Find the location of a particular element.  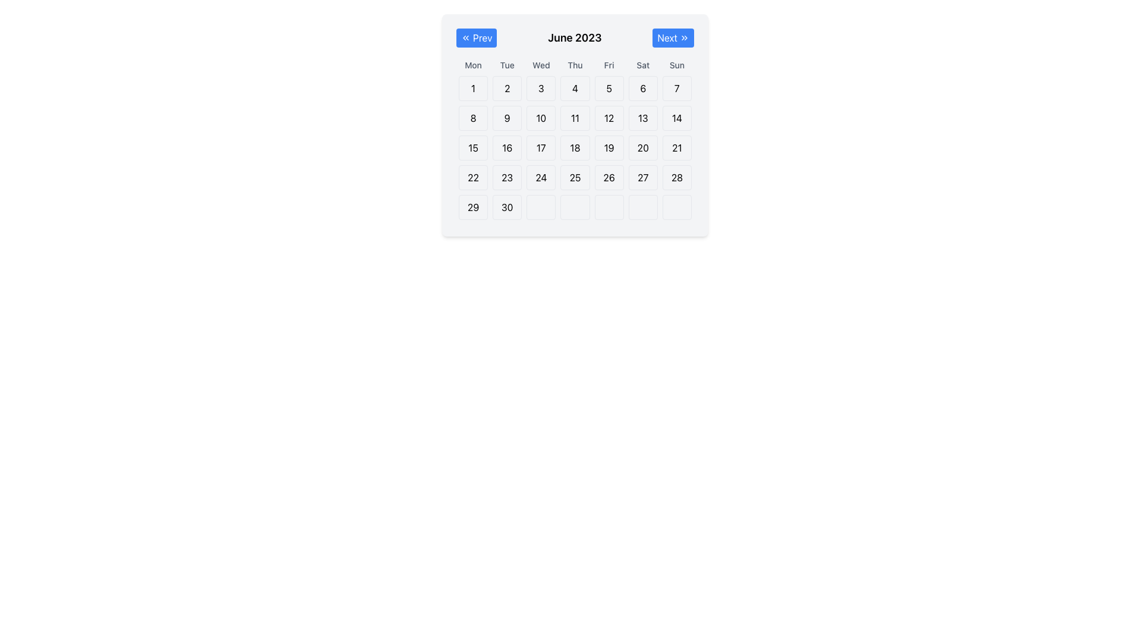

the button representing the selectable date (the 19th) in the calendar interface is located at coordinates (609, 147).